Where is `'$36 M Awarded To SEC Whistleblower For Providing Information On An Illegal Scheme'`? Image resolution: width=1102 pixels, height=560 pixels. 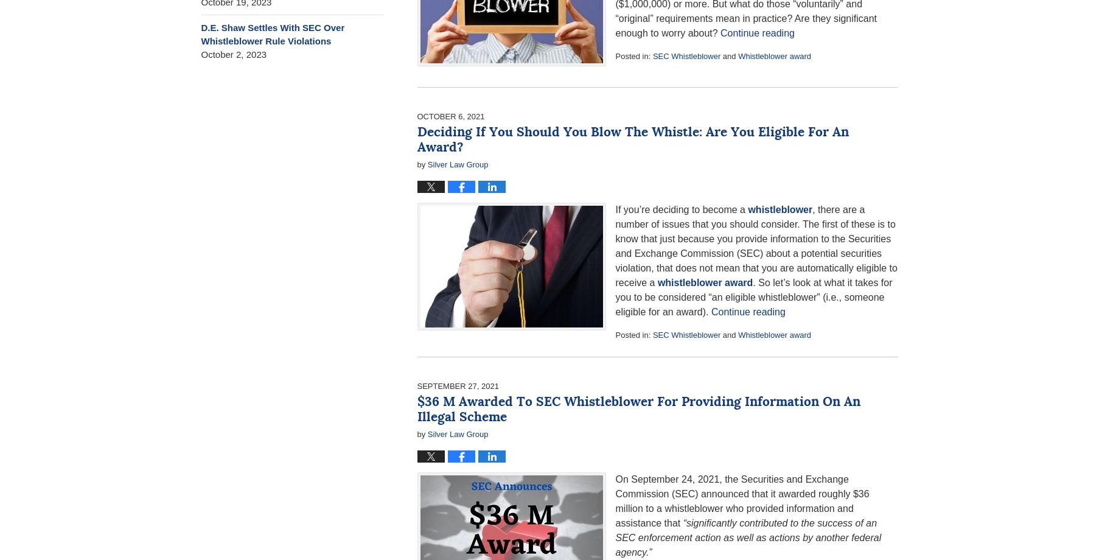
'$36 M Awarded To SEC Whistleblower For Providing Information On An Illegal Scheme' is located at coordinates (638, 408).